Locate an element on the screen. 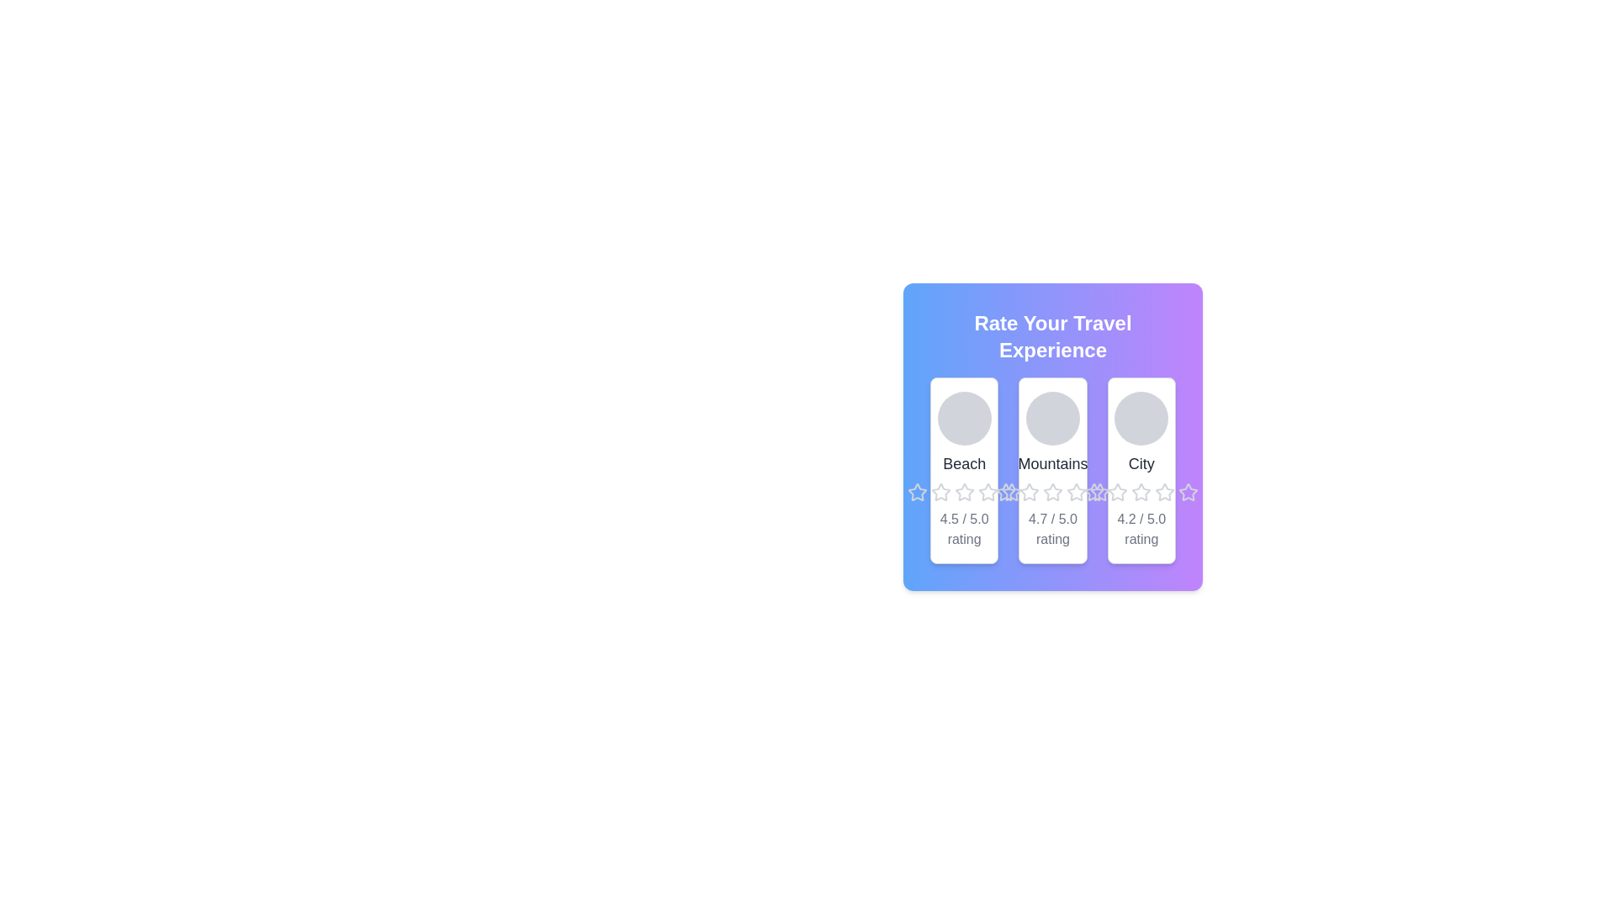  text from the Text Label displaying '4.2 / 5.0 rating' located at the bottom center of the 'City' card, directly beneath the star icons is located at coordinates (1141, 528).